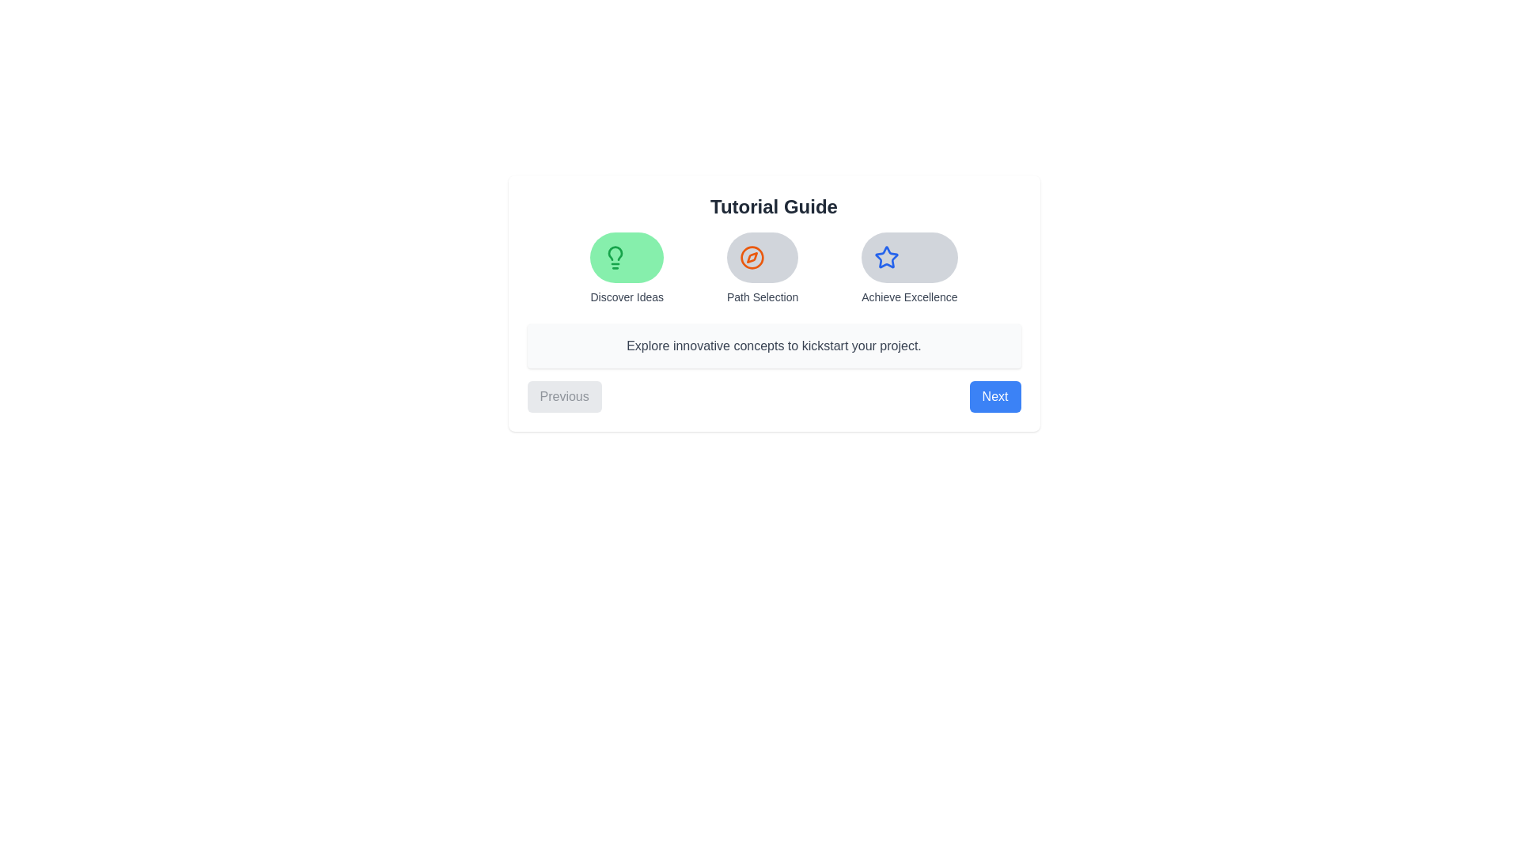 The width and height of the screenshot is (1519, 854). I want to click on the icon representing the tutorial step Achieve Excellence, so click(908, 257).